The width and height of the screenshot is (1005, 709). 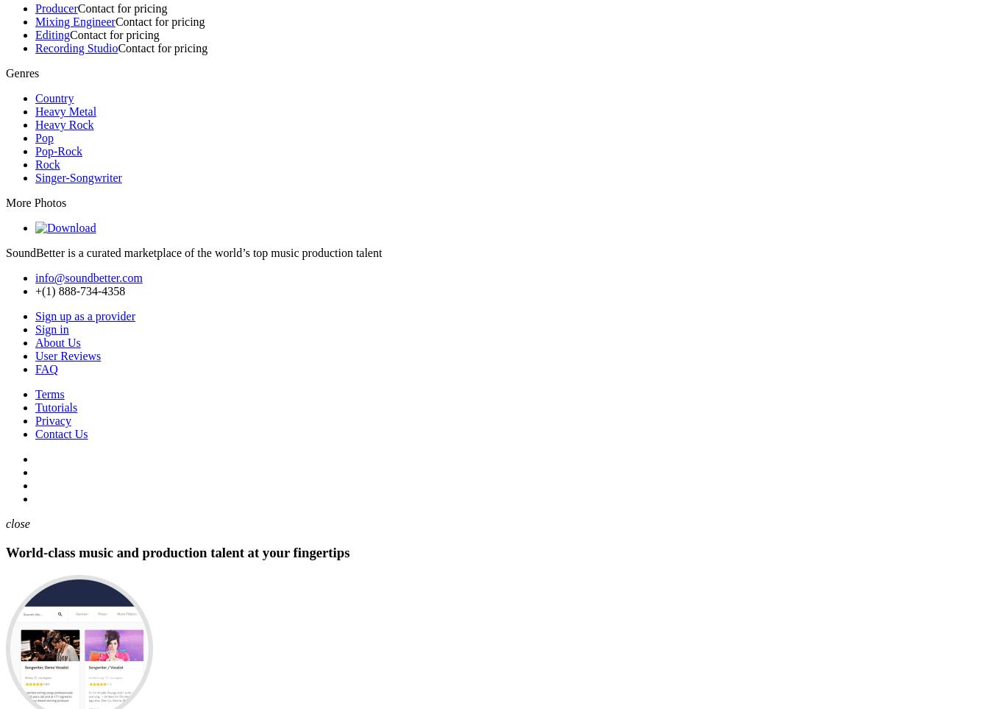 I want to click on 'Heavy Rock', so click(x=64, y=124).